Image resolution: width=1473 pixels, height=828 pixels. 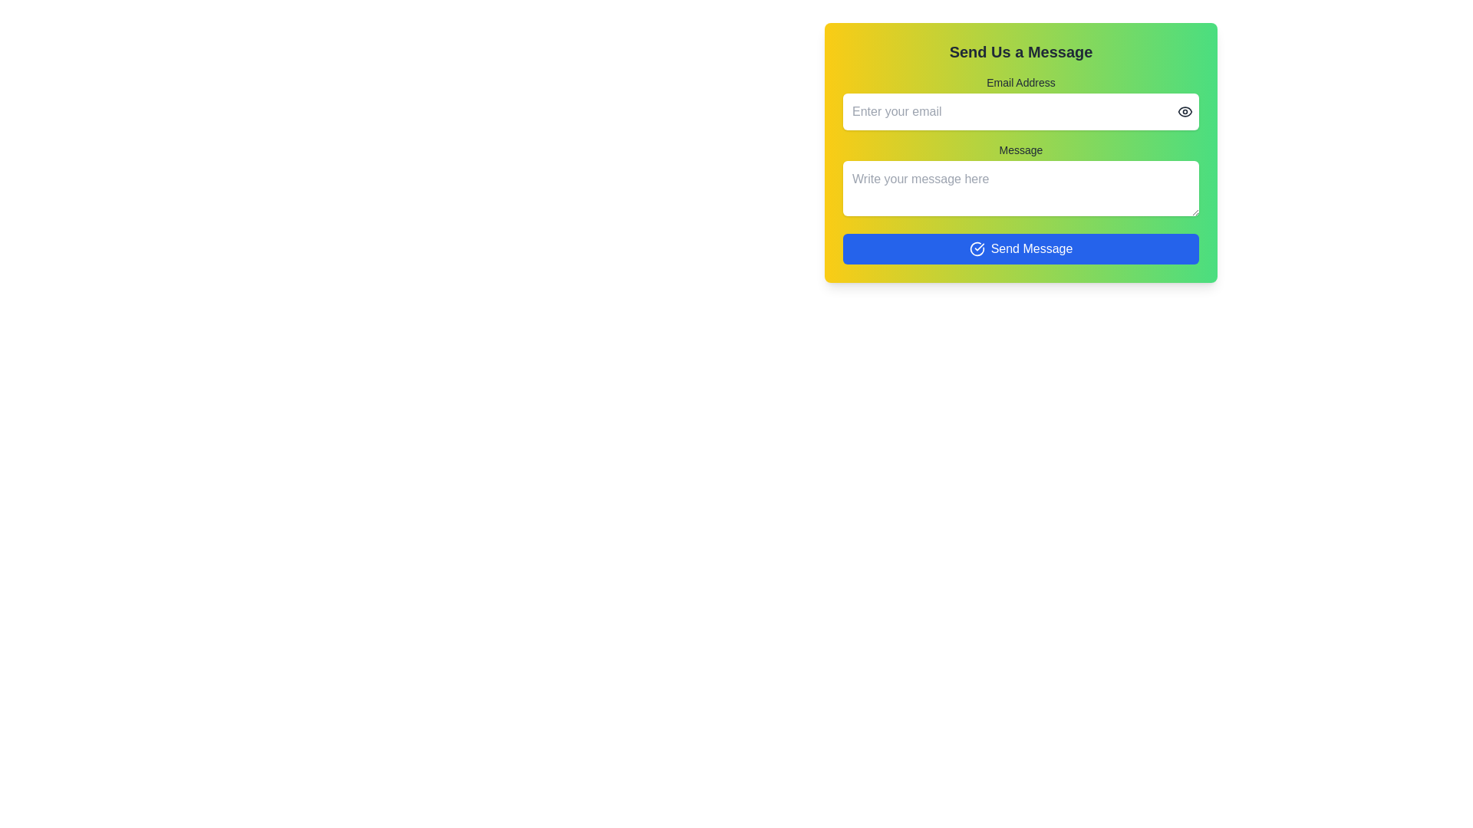 I want to click on text content of the Text header, which serves as the descriptive heading for the messaging form positioned above the 'Email Address' and 'Message' fields, so click(x=1020, y=51).